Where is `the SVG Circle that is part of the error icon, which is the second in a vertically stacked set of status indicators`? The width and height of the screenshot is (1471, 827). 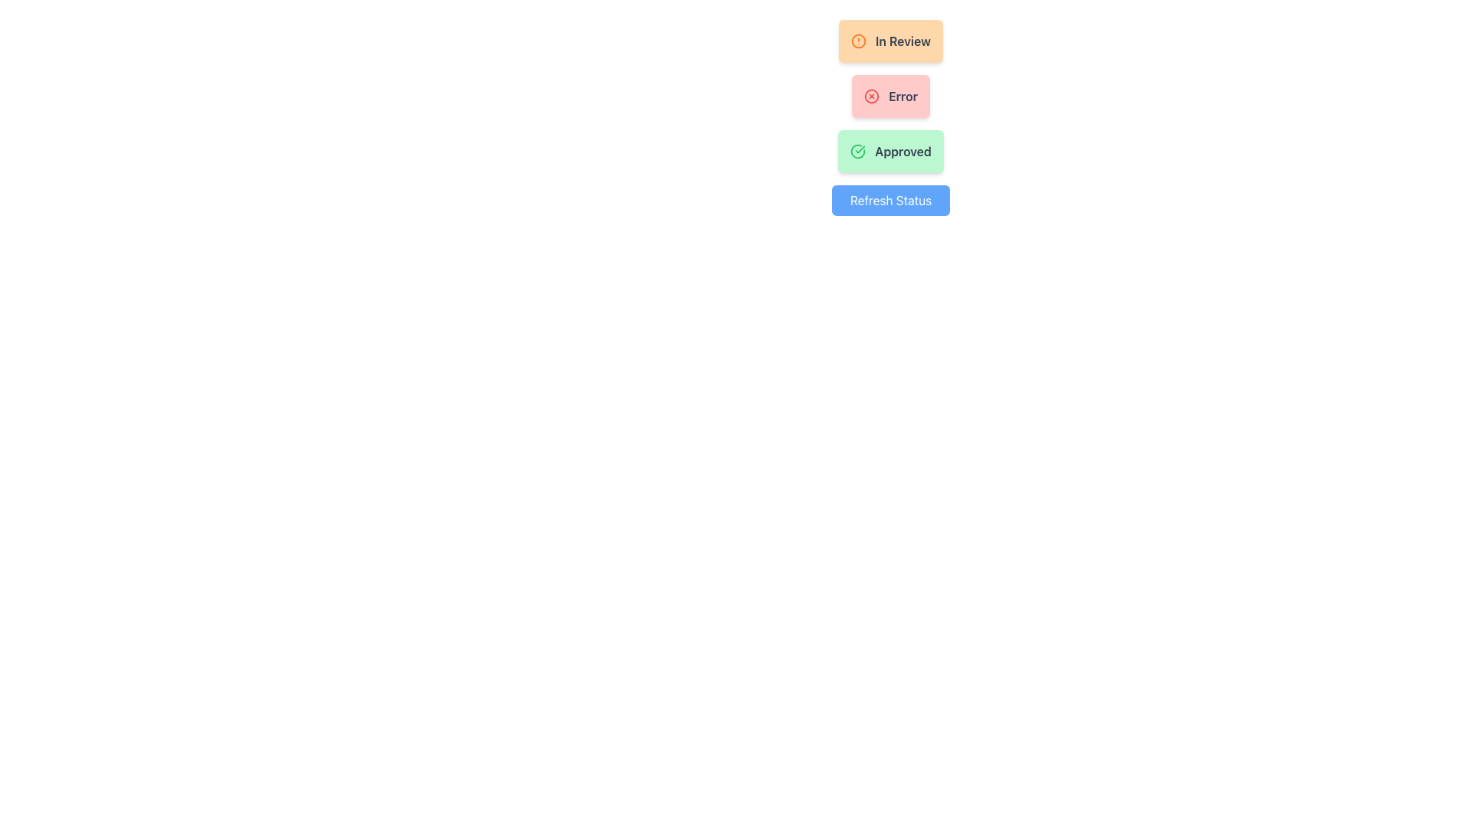 the SVG Circle that is part of the error icon, which is the second in a vertically stacked set of status indicators is located at coordinates (871, 96).